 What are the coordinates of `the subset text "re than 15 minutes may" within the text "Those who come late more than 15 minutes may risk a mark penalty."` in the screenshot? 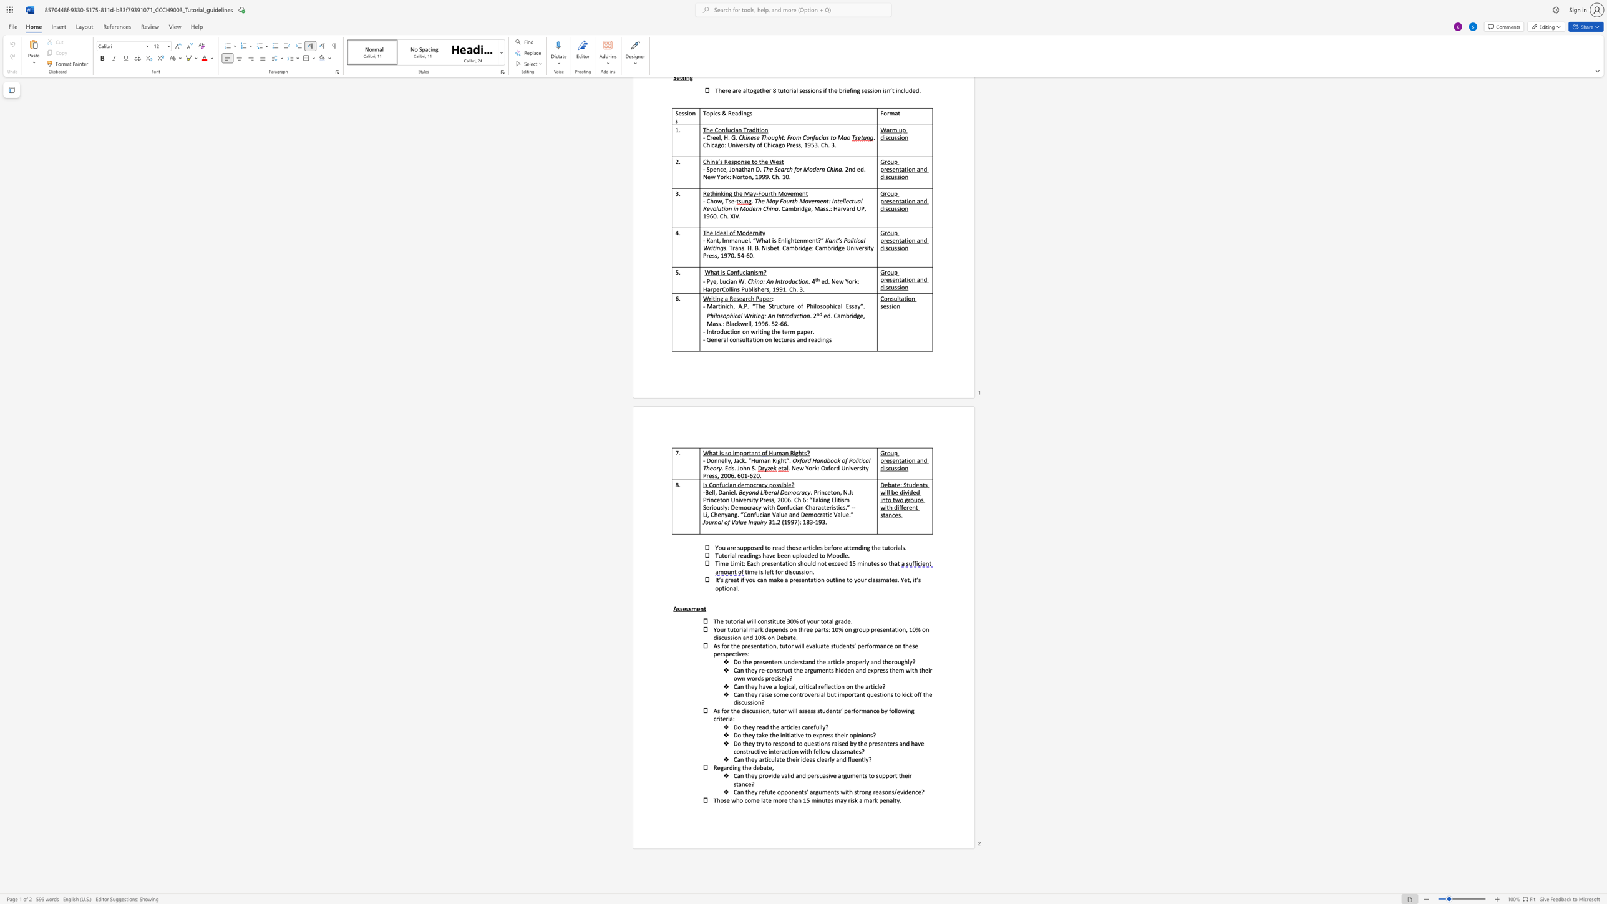 It's located at (781, 799).